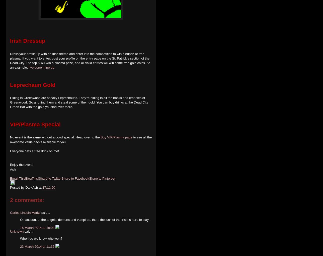 The height and width of the screenshot is (256, 323). Describe the element at coordinates (17, 178) in the screenshot. I see `'Email This'` at that location.